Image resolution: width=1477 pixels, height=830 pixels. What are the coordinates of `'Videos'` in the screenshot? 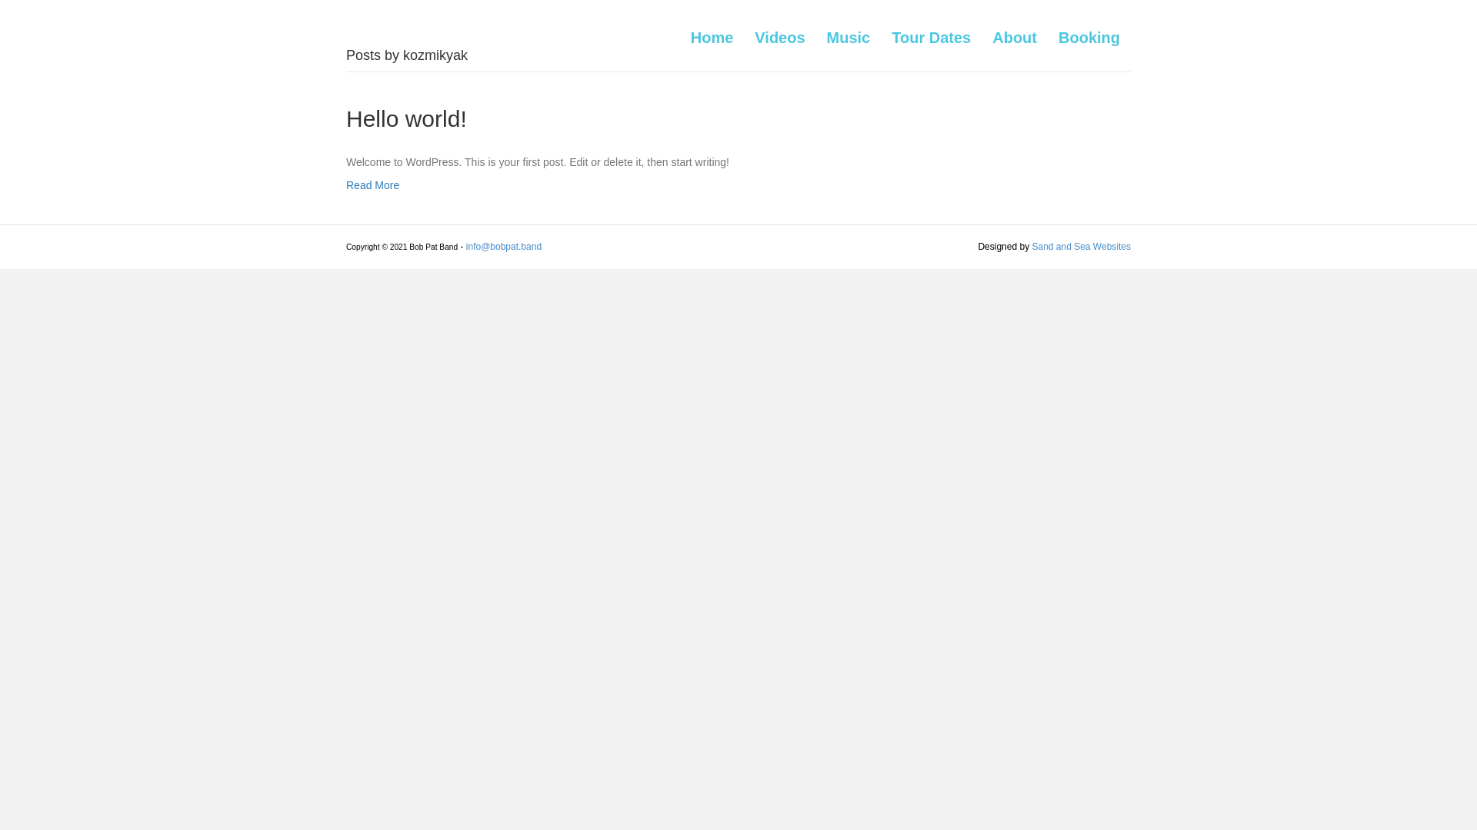 It's located at (779, 37).